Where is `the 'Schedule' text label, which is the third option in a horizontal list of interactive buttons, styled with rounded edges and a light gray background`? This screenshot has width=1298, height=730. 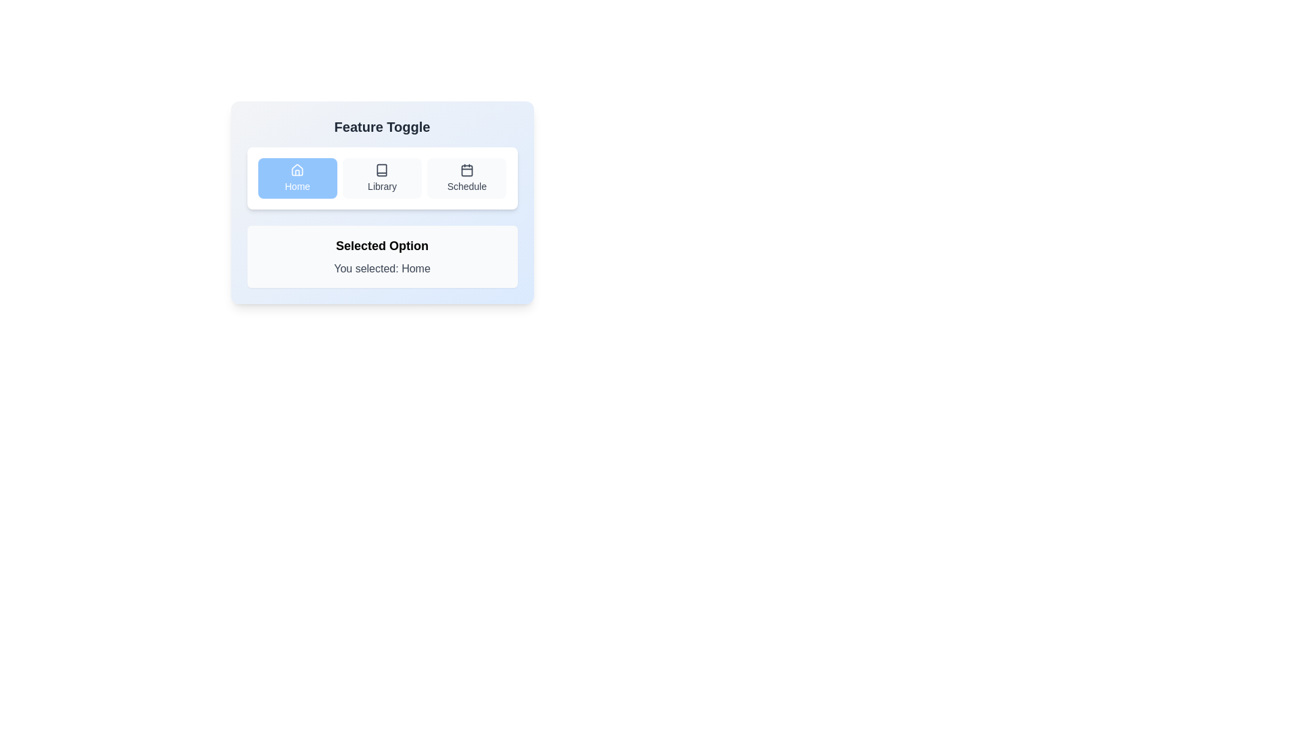
the 'Schedule' text label, which is the third option in a horizontal list of interactive buttons, styled with rounded edges and a light gray background is located at coordinates (466, 187).